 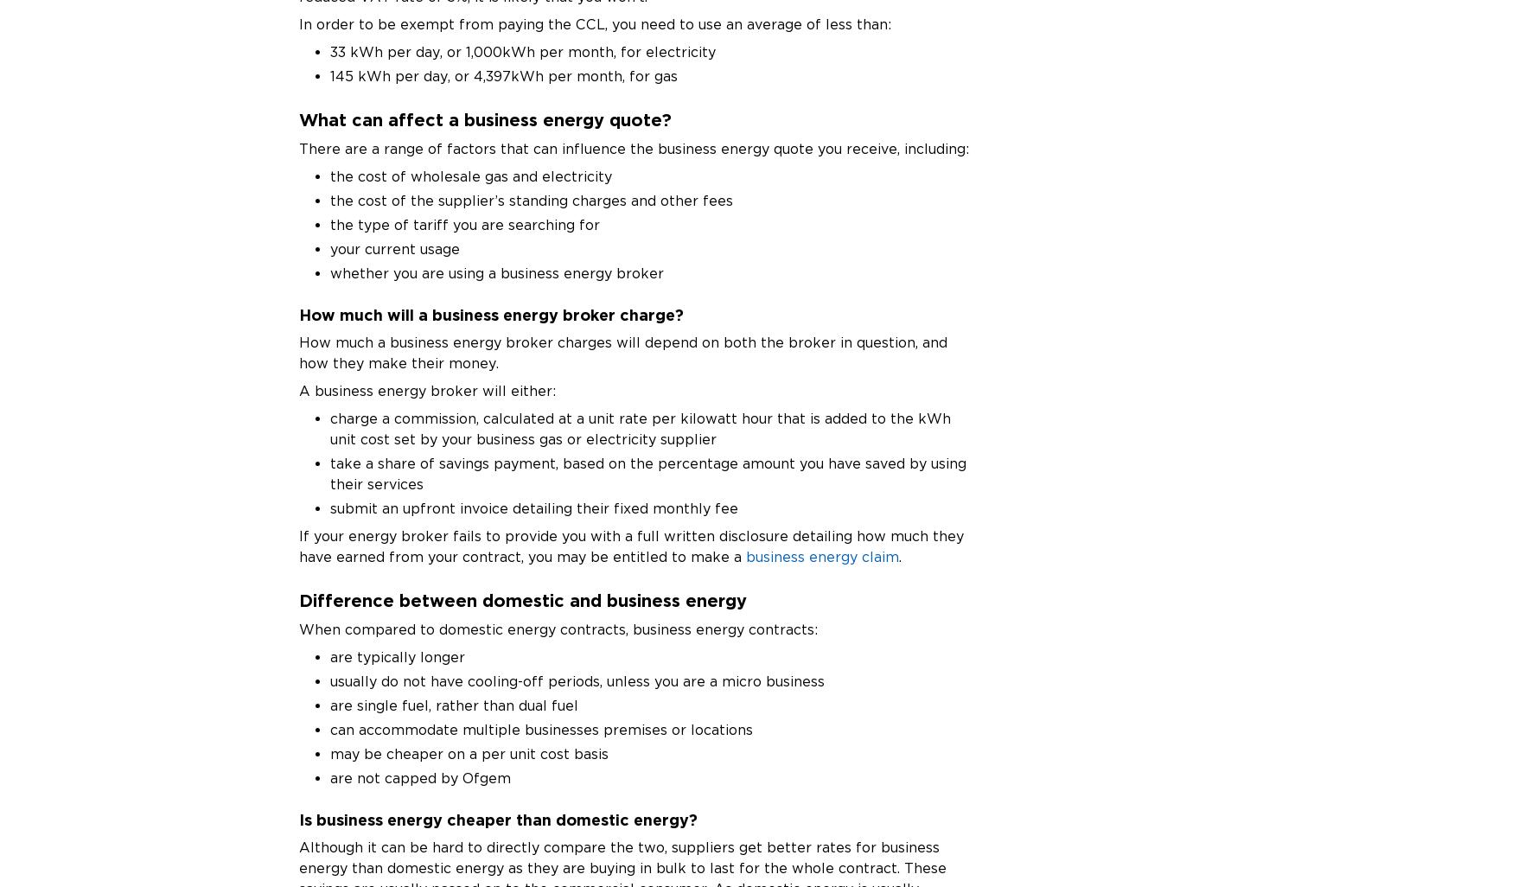 What do you see at coordinates (329, 74) in the screenshot?
I see `'145 kWh per day, or 4,397kWh per month, for gas'` at bounding box center [329, 74].